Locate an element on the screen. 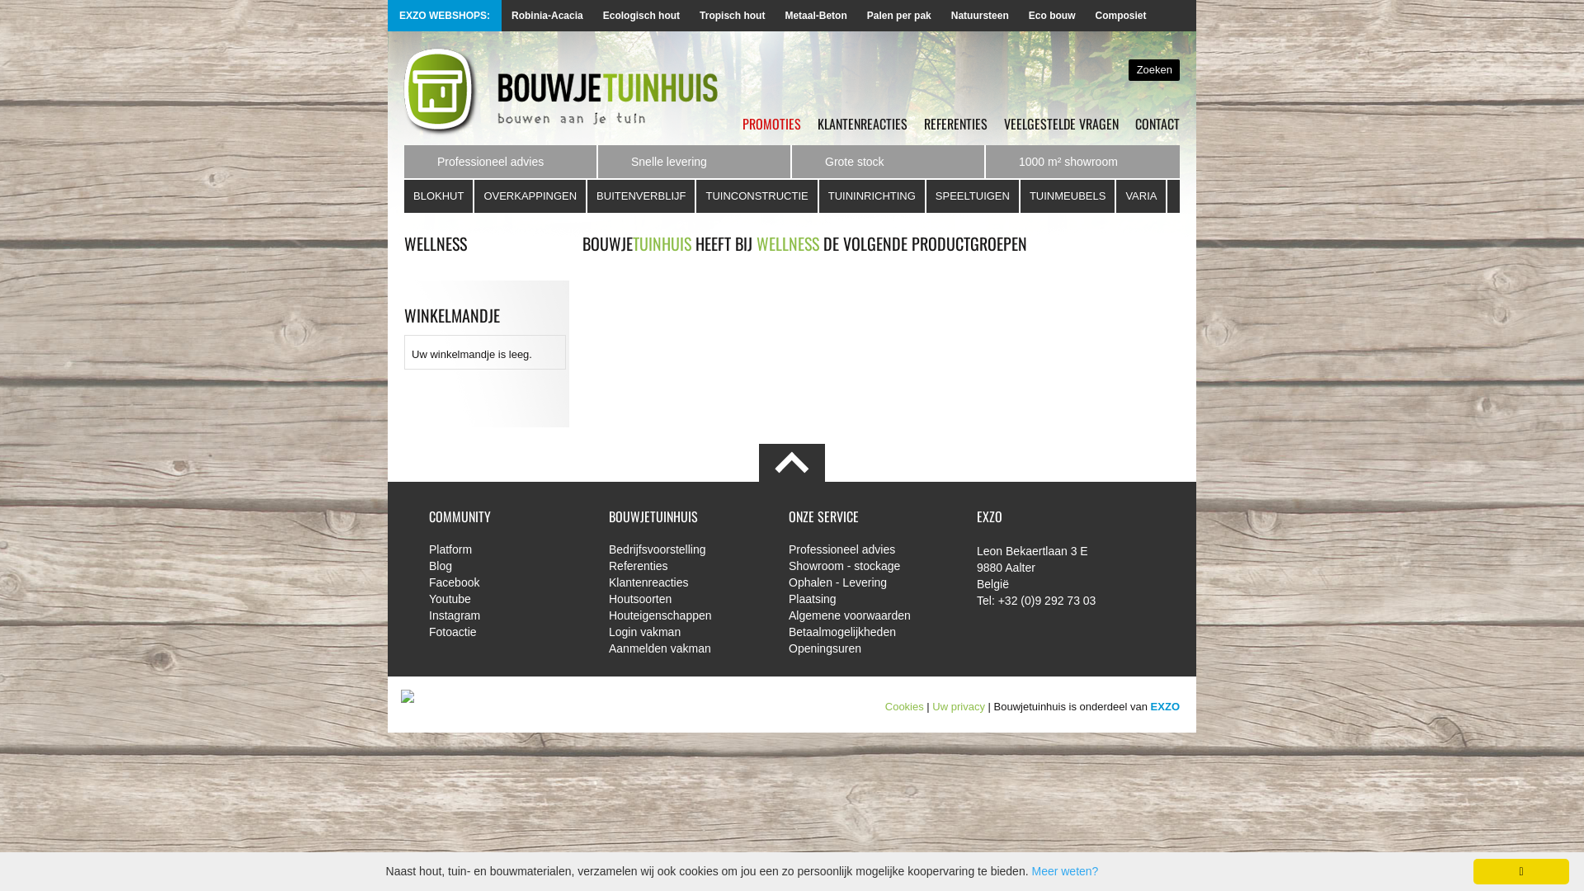  'Houtsoorten' is located at coordinates (686, 598).